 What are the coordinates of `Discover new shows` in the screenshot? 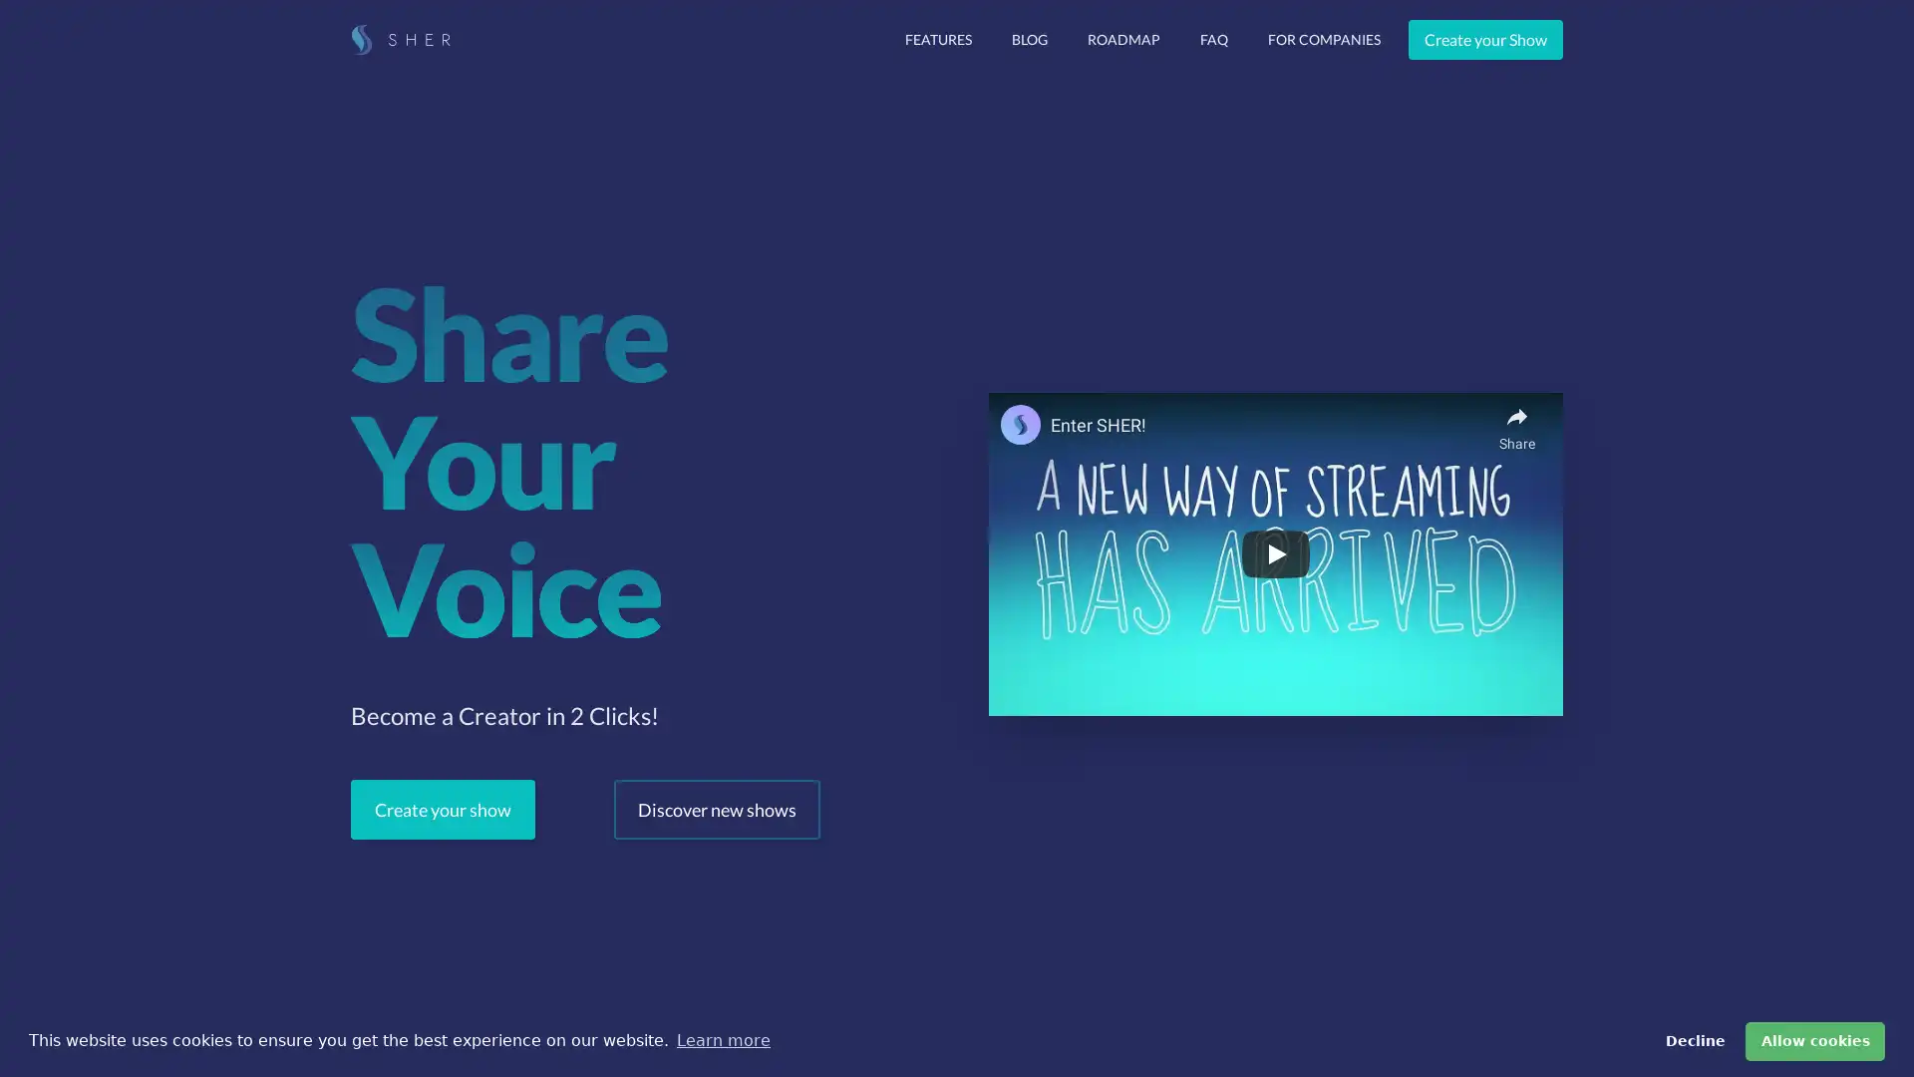 It's located at (717, 810).